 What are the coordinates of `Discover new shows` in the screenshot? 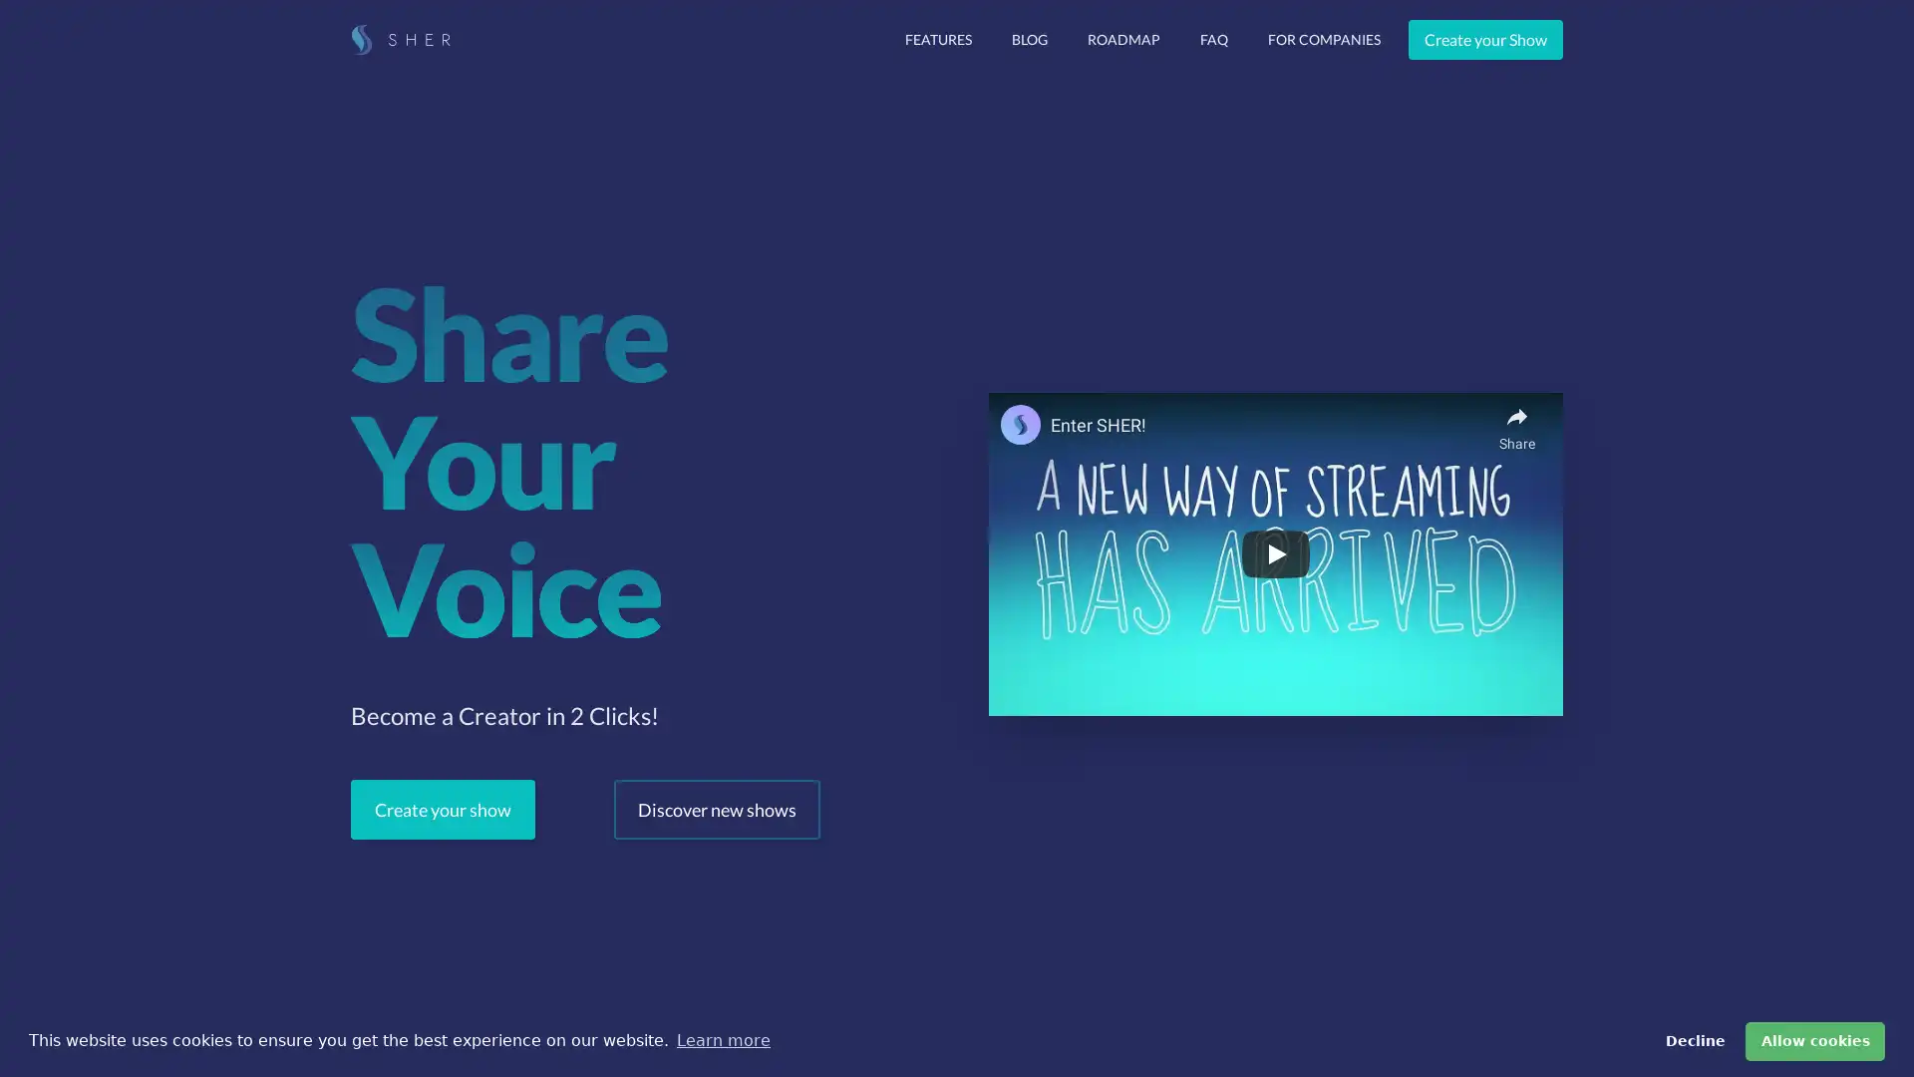 It's located at (717, 810).